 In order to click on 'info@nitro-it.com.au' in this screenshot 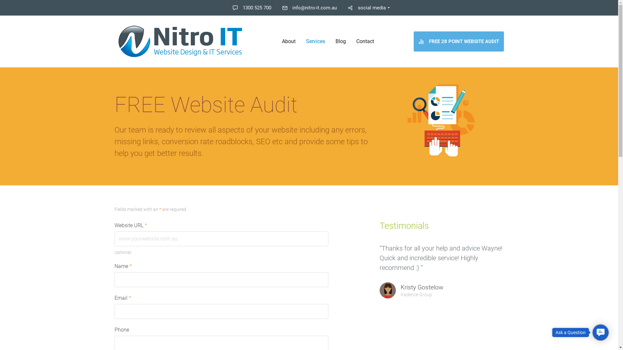, I will do `click(309, 7)`.